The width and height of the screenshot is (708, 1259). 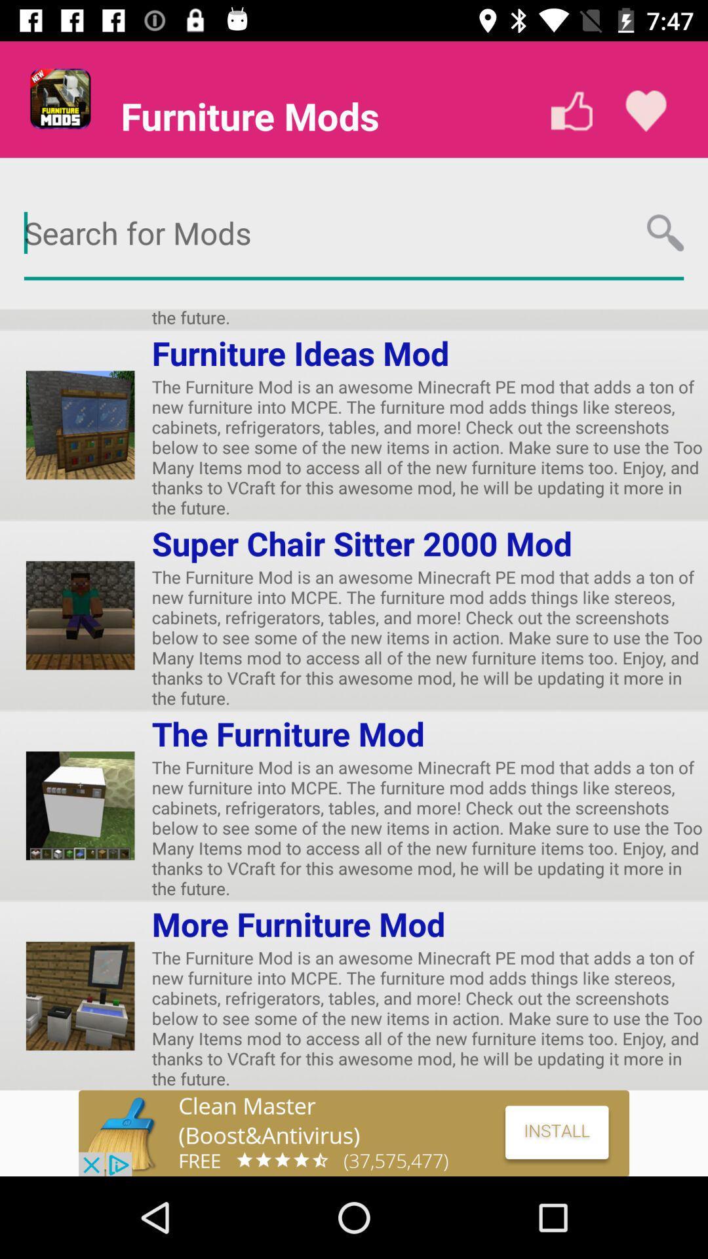 I want to click on give a like, so click(x=571, y=111).